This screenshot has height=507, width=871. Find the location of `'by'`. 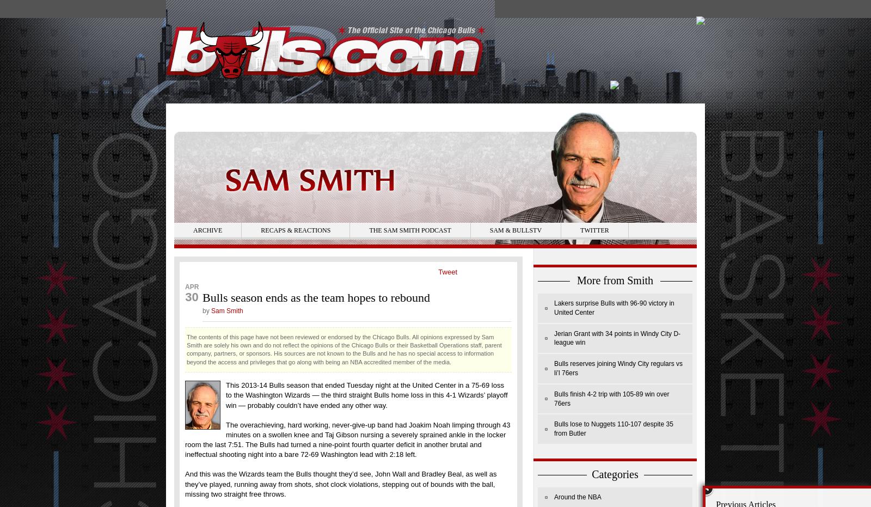

'by' is located at coordinates (207, 309).